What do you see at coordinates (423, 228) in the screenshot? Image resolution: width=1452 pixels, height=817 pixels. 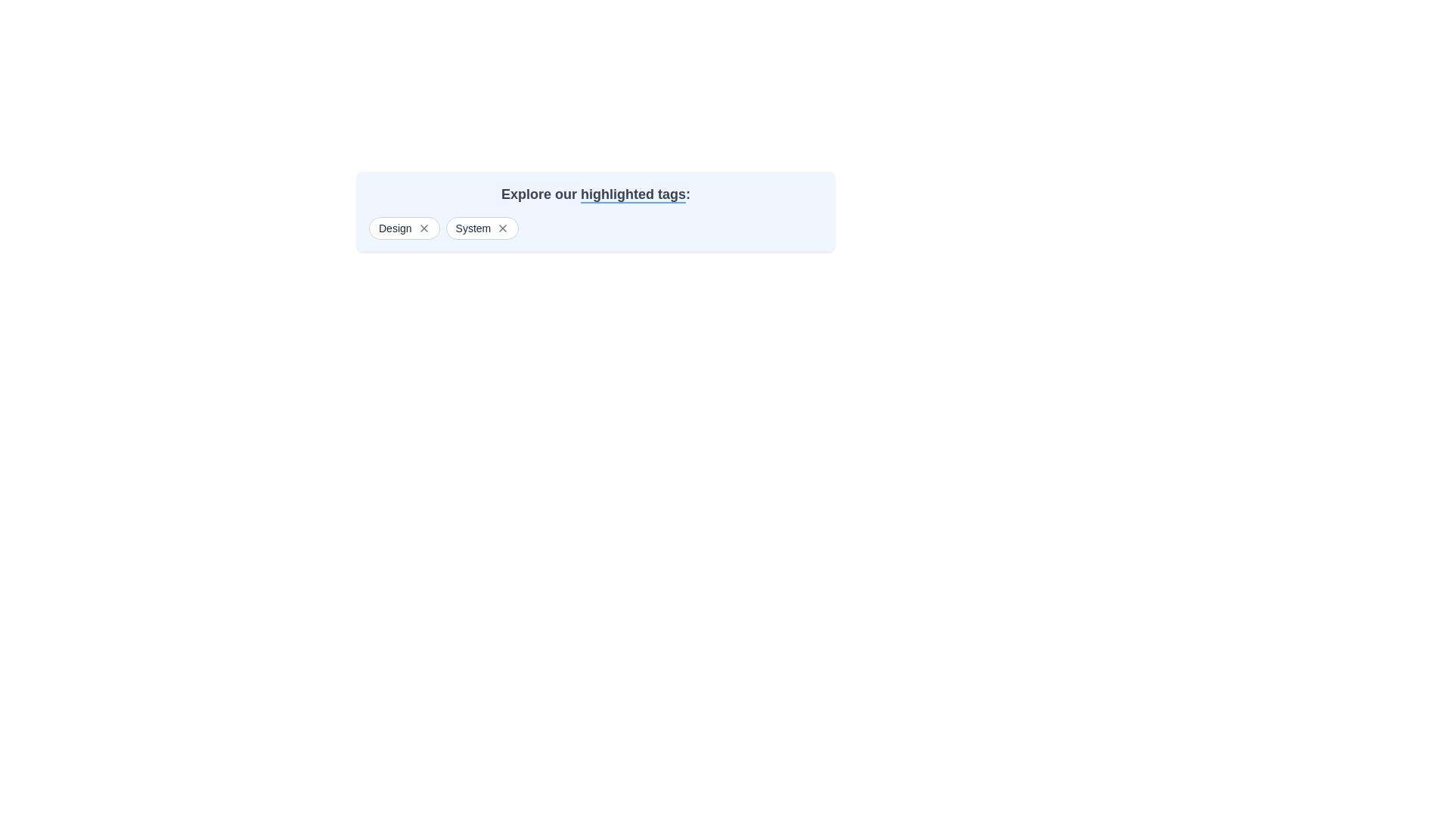 I see `the SVG icon representing the close button located to the right of the 'Design' tag` at bounding box center [423, 228].